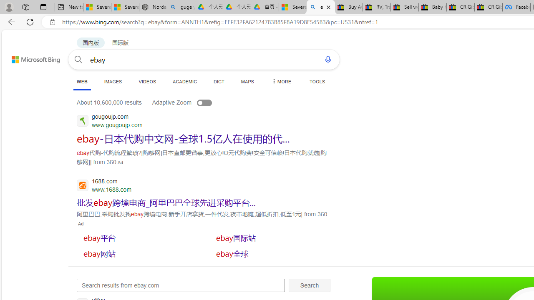 The width and height of the screenshot is (534, 300). Describe the element at coordinates (82, 81) in the screenshot. I see `'WEB'` at that location.